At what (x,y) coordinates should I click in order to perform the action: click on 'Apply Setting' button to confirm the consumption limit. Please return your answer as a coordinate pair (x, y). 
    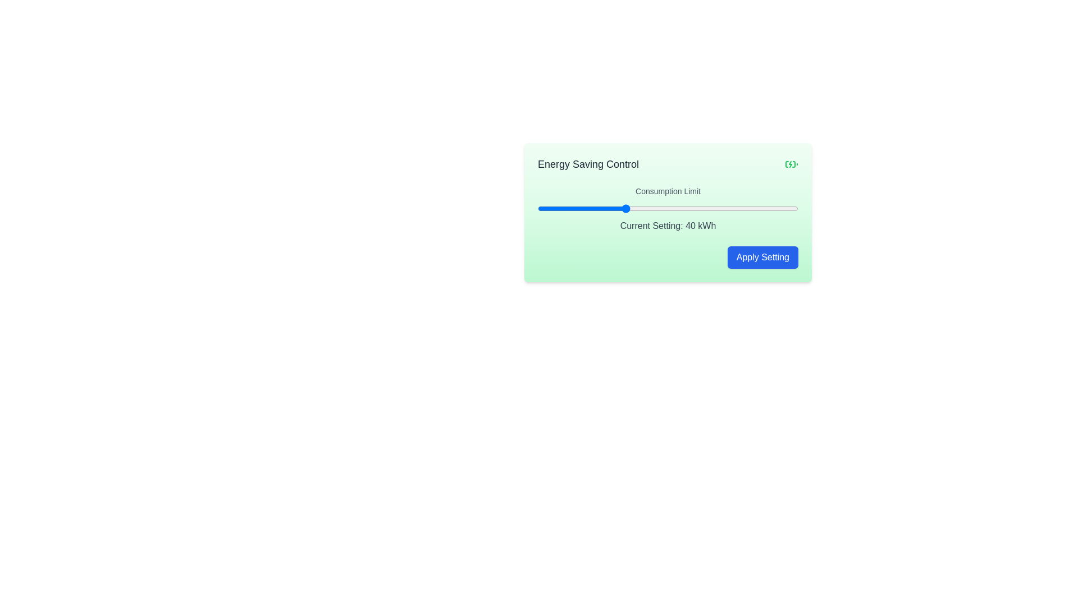
    Looking at the image, I should click on (762, 258).